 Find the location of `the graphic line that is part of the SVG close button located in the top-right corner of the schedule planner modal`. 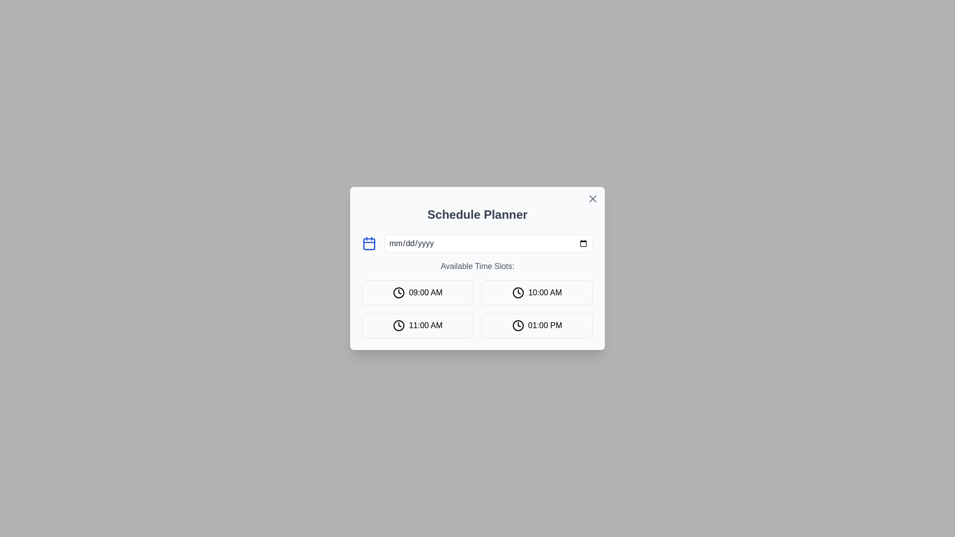

the graphic line that is part of the SVG close button located in the top-right corner of the schedule planner modal is located at coordinates (592, 199).